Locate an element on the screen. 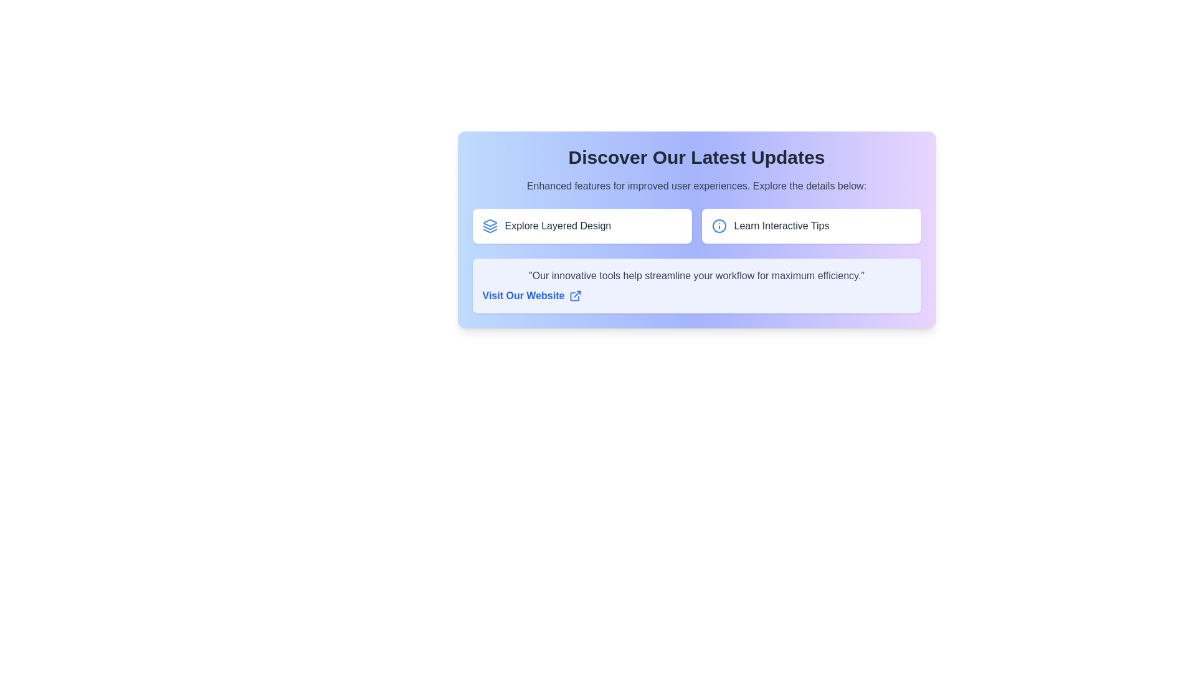  the text description stating 'Enhanced features for improved user experiences. Explore the details below:' is located at coordinates (696, 186).